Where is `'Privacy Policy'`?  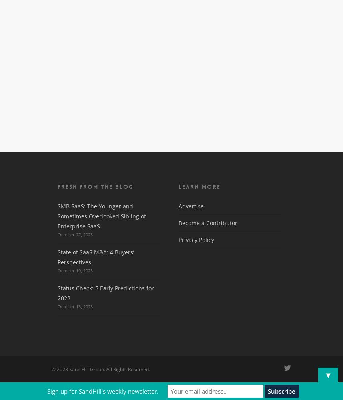
'Privacy Policy' is located at coordinates (179, 239).